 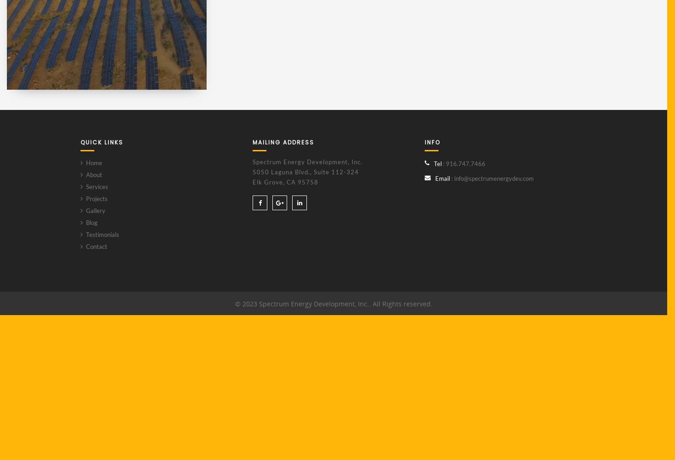 I want to click on 'MAILING ADDRESS', so click(x=283, y=142).